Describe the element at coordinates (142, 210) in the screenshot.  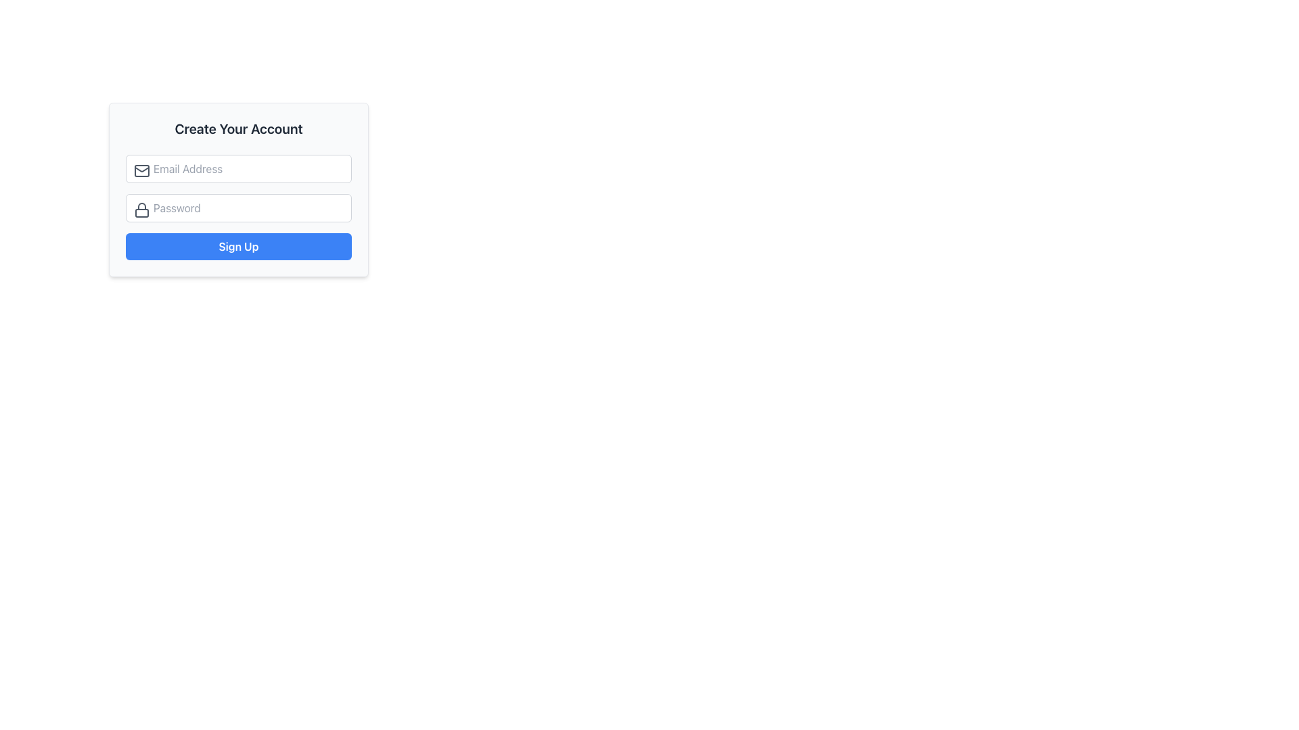
I see `the password field icon that indicates a secure input area, located to the left of the 'Password' placeholder text` at that location.